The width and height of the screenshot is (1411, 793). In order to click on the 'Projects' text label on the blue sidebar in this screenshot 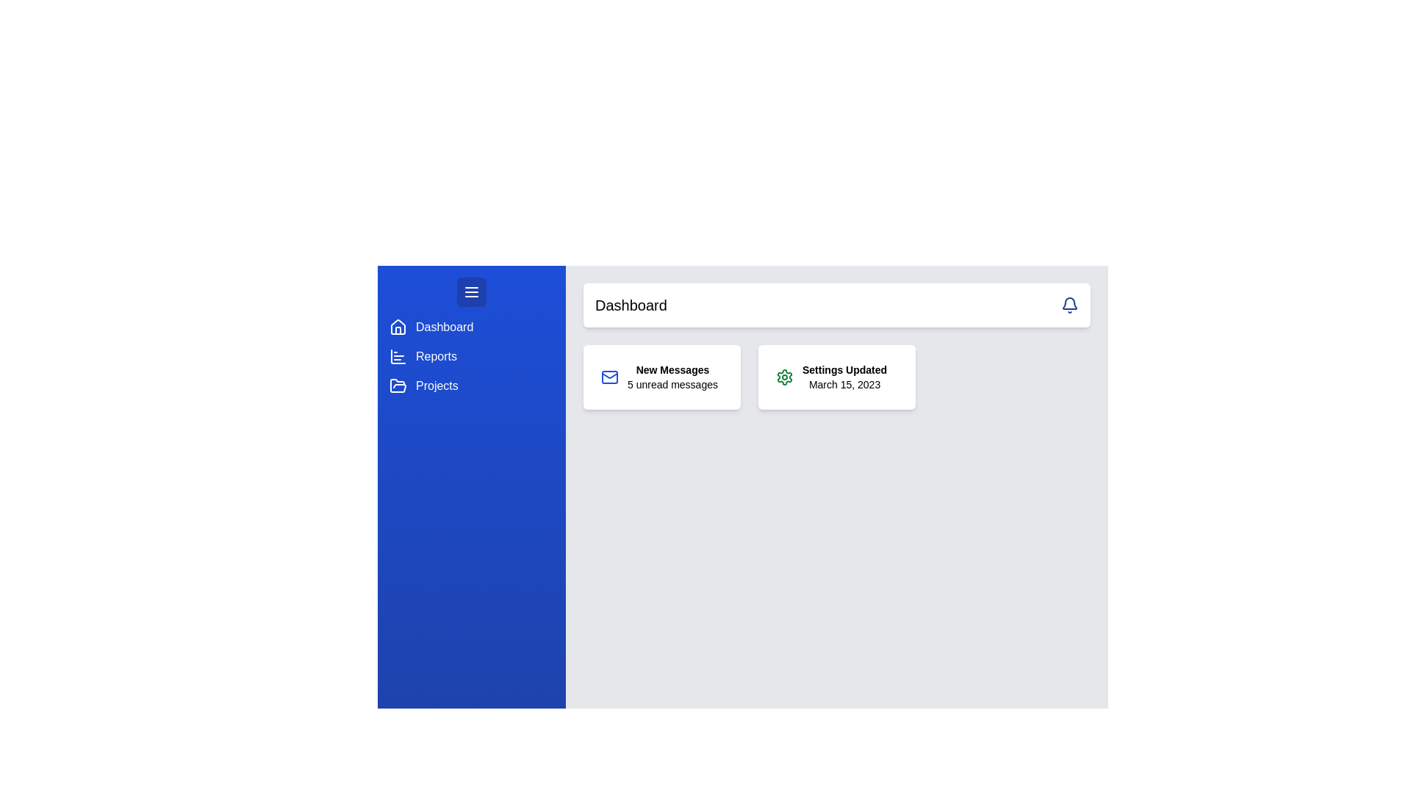, I will do `click(436, 385)`.